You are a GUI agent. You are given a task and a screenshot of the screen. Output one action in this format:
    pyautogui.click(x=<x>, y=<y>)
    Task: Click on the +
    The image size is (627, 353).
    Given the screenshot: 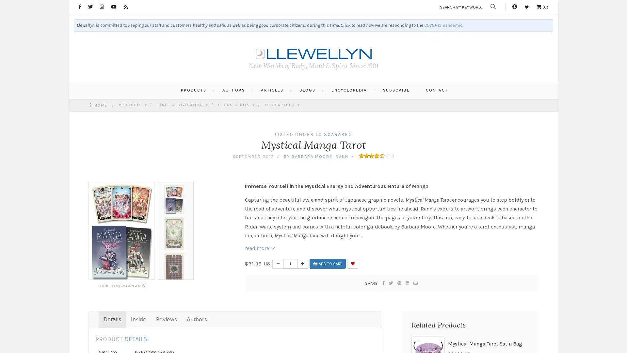 What is the action you would take?
    pyautogui.click(x=302, y=263)
    